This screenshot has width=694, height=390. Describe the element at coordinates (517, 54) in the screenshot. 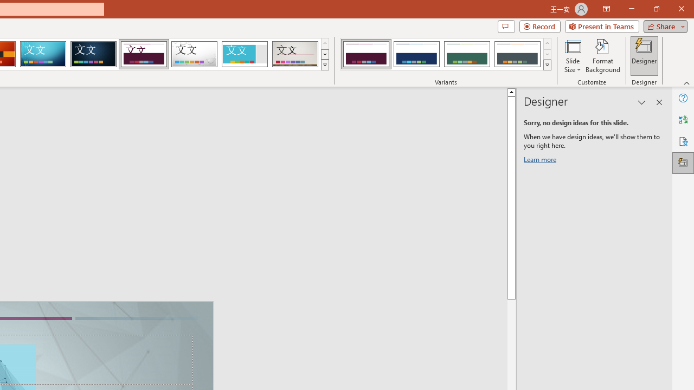

I see `'Dividend Variant 4'` at that location.